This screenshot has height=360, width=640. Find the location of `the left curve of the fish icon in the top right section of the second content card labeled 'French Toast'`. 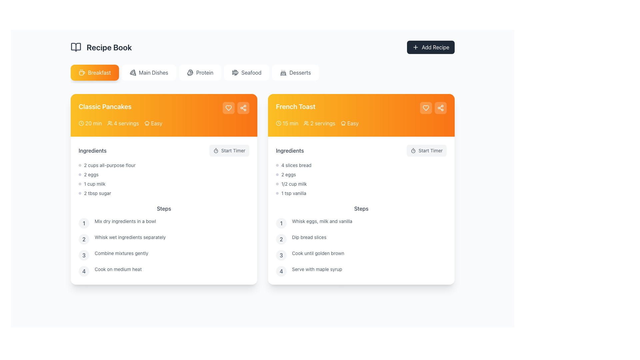

the left curve of the fish icon in the top right section of the second content card labeled 'French Toast' is located at coordinates (236, 73).